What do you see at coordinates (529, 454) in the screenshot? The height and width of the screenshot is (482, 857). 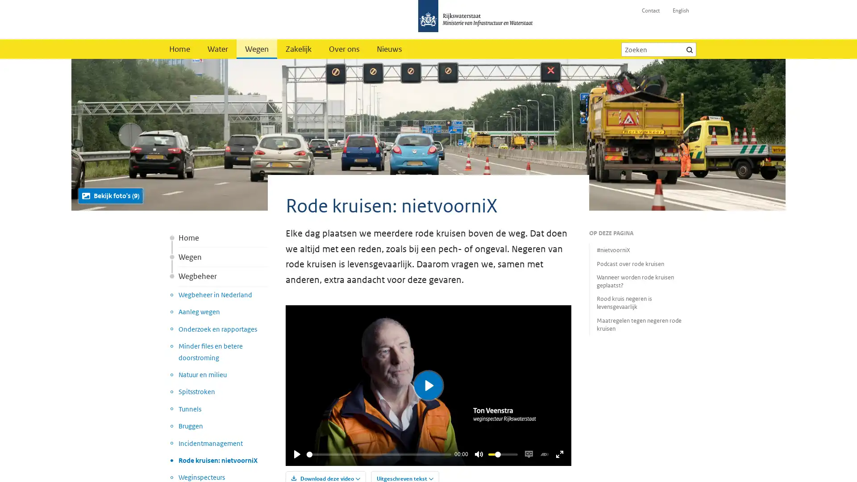 I see `Ondertiteling aan` at bounding box center [529, 454].